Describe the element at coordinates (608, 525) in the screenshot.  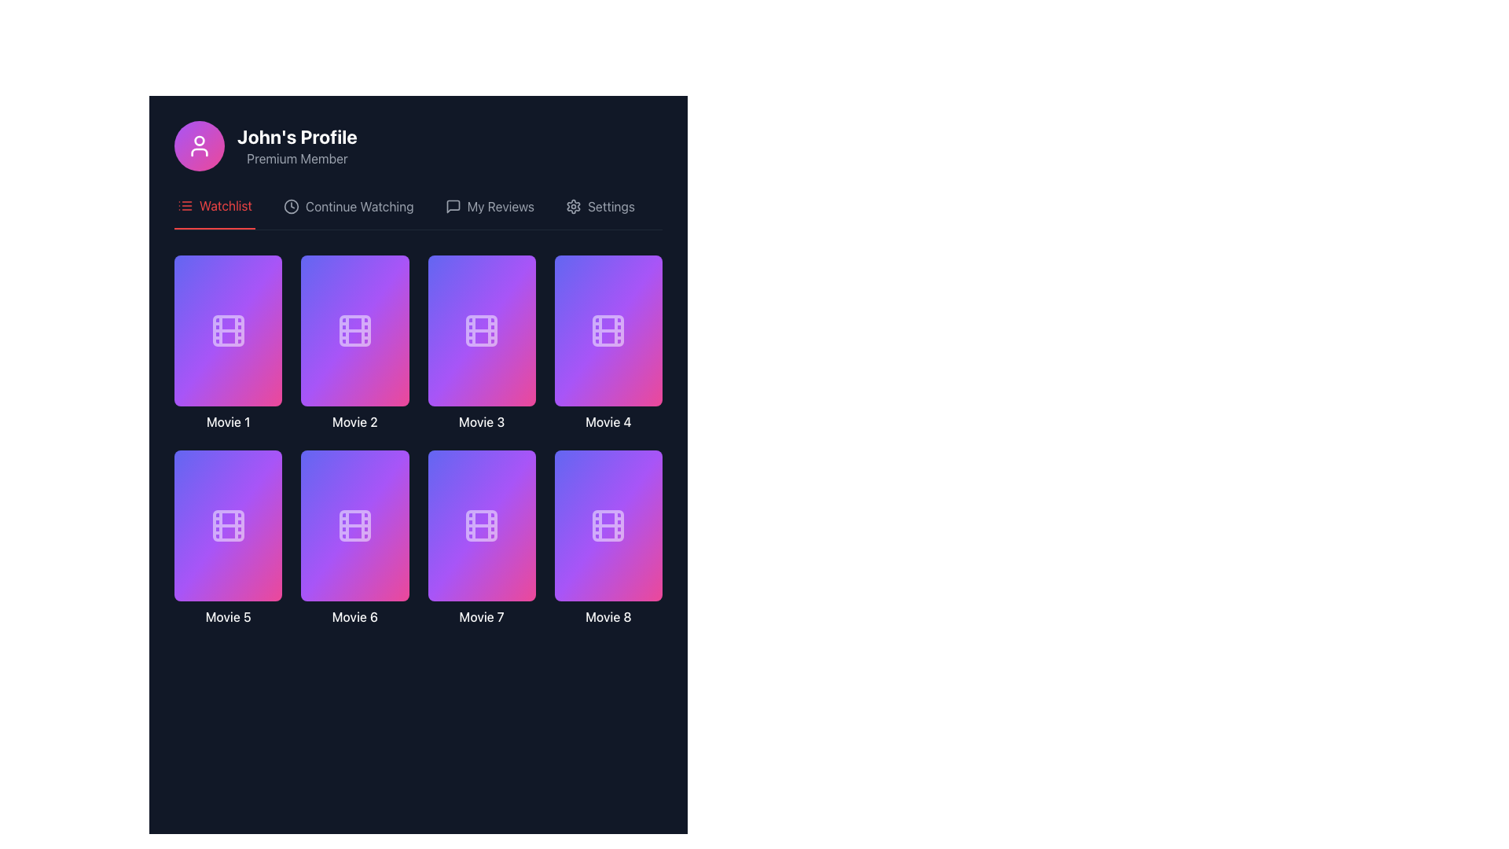
I see `the movie icon located in the bottom-right tile of the movie selection area` at that location.